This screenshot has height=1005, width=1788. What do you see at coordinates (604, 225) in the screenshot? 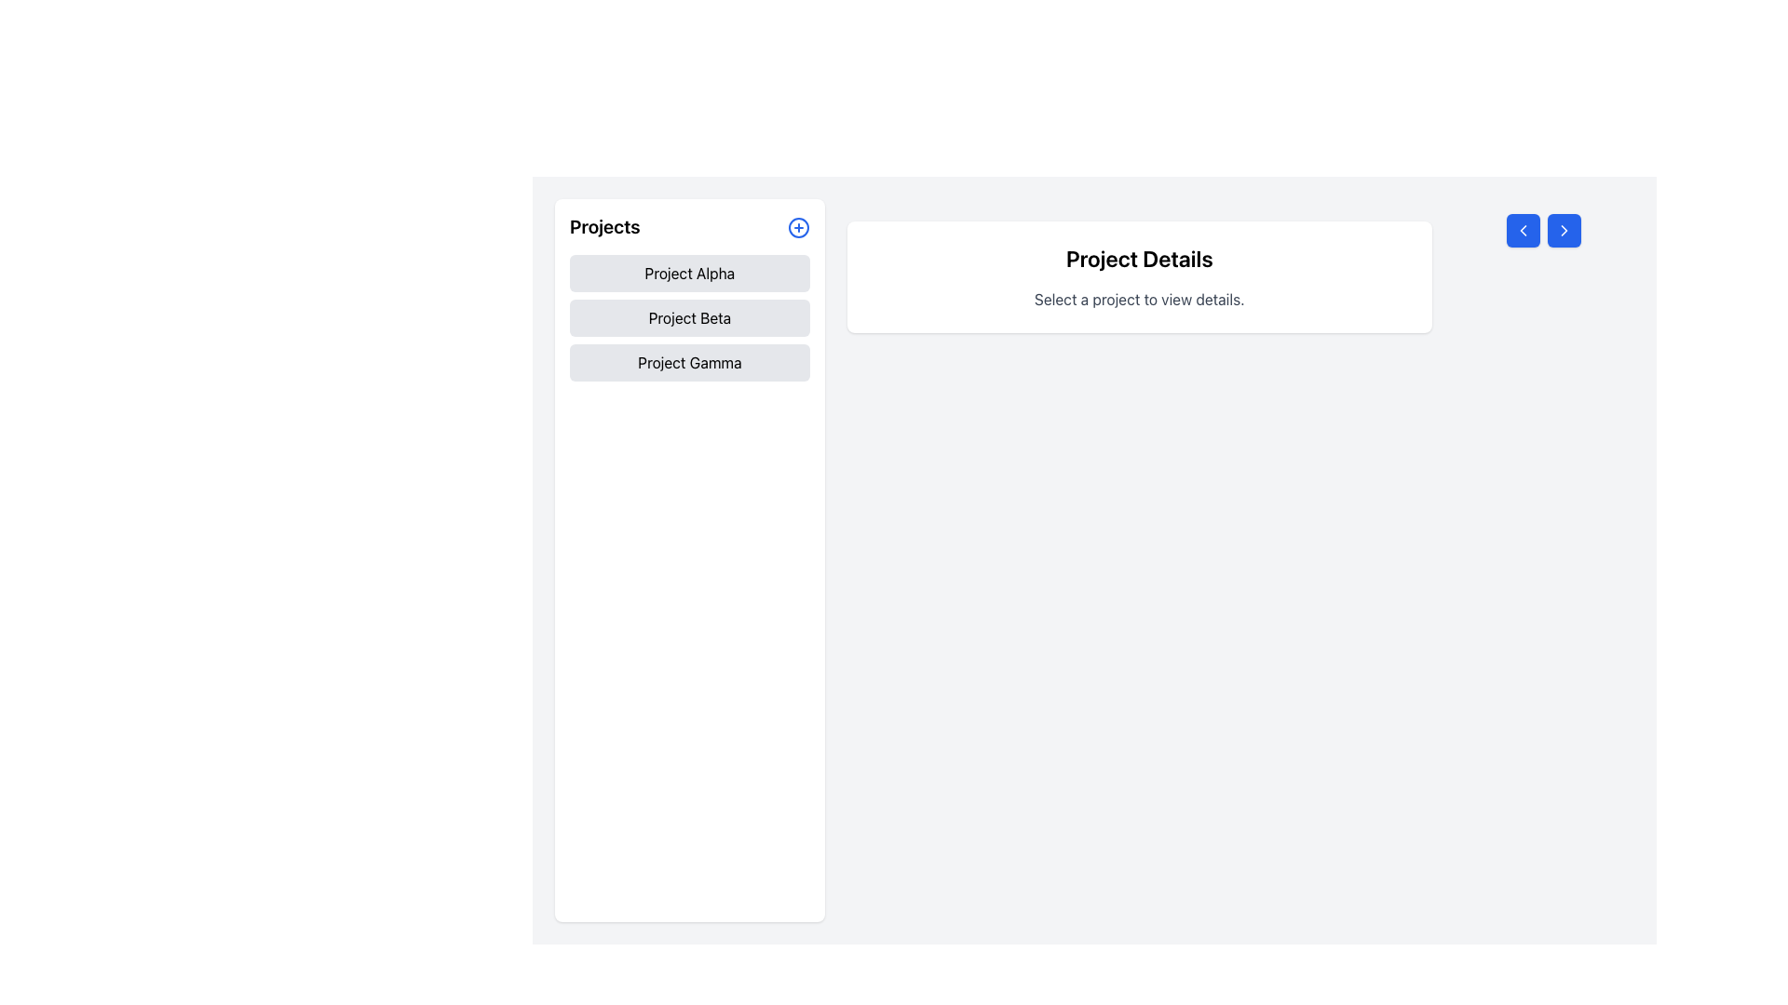
I see `the 'Projects' static text element, which is a bold and larger-than-normal black font title located at the top-left area of the left sidebar` at bounding box center [604, 225].